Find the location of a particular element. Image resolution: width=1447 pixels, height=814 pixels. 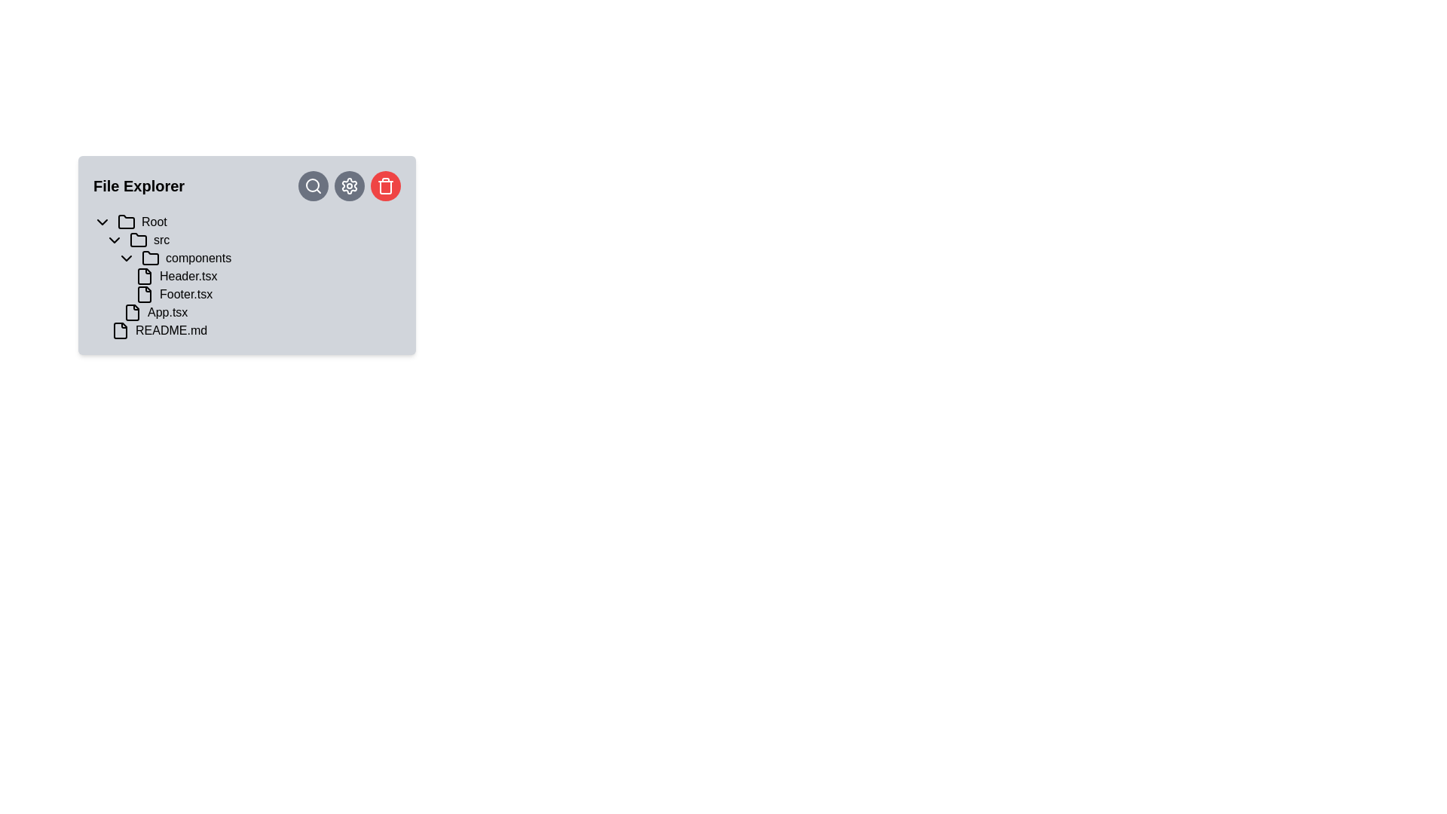

the folder icon representing the 'components' directory in the file explorer interface is located at coordinates (151, 257).